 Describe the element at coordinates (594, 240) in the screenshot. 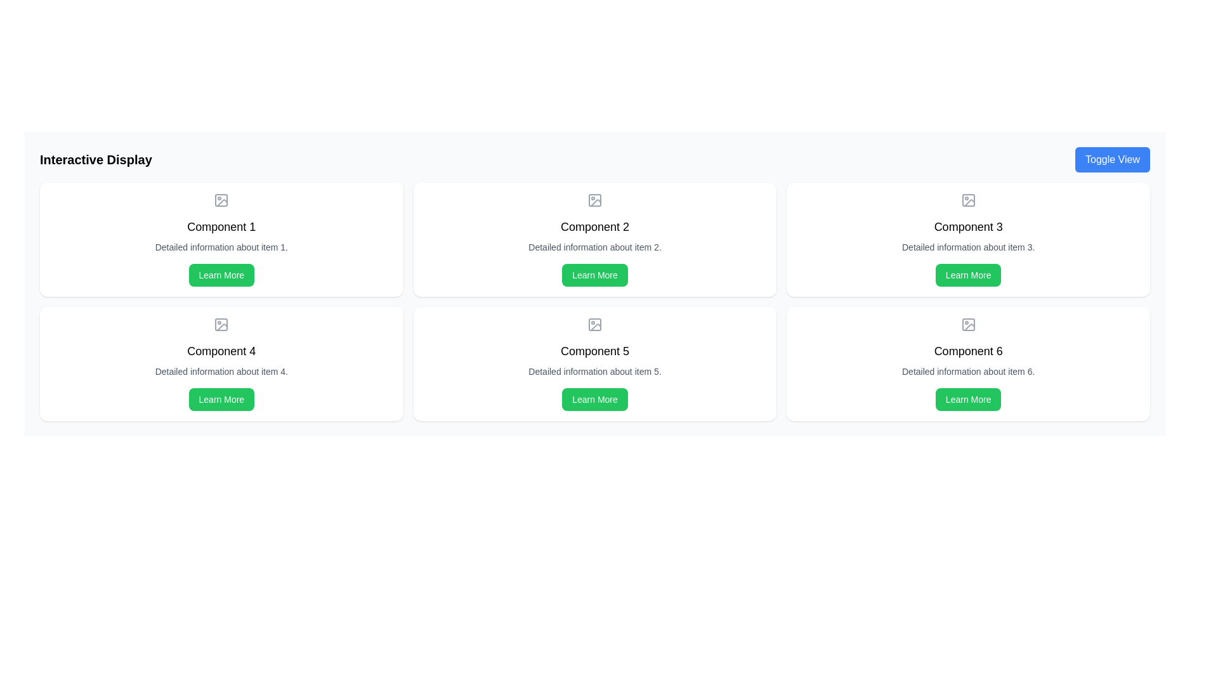

I see `detailed view of the Display card for 'Component 2' by focusing on the icon and text located at the center of the card` at that location.